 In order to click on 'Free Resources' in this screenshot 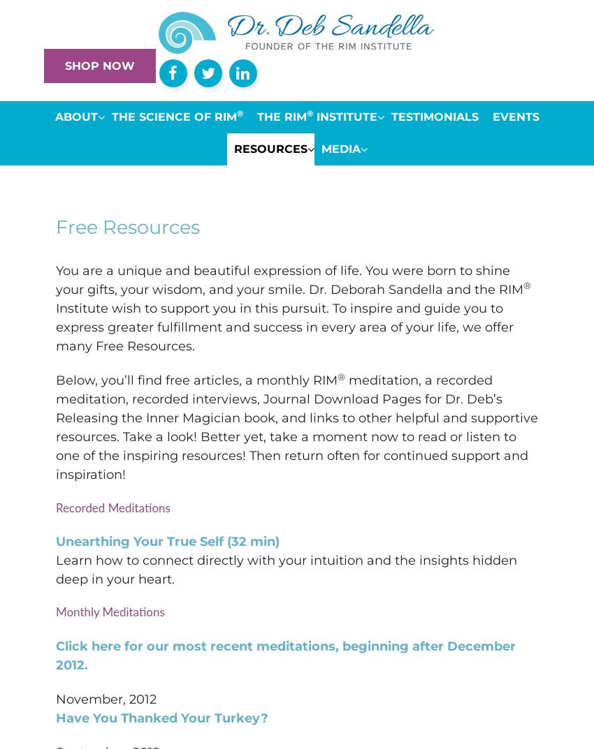, I will do `click(127, 227)`.